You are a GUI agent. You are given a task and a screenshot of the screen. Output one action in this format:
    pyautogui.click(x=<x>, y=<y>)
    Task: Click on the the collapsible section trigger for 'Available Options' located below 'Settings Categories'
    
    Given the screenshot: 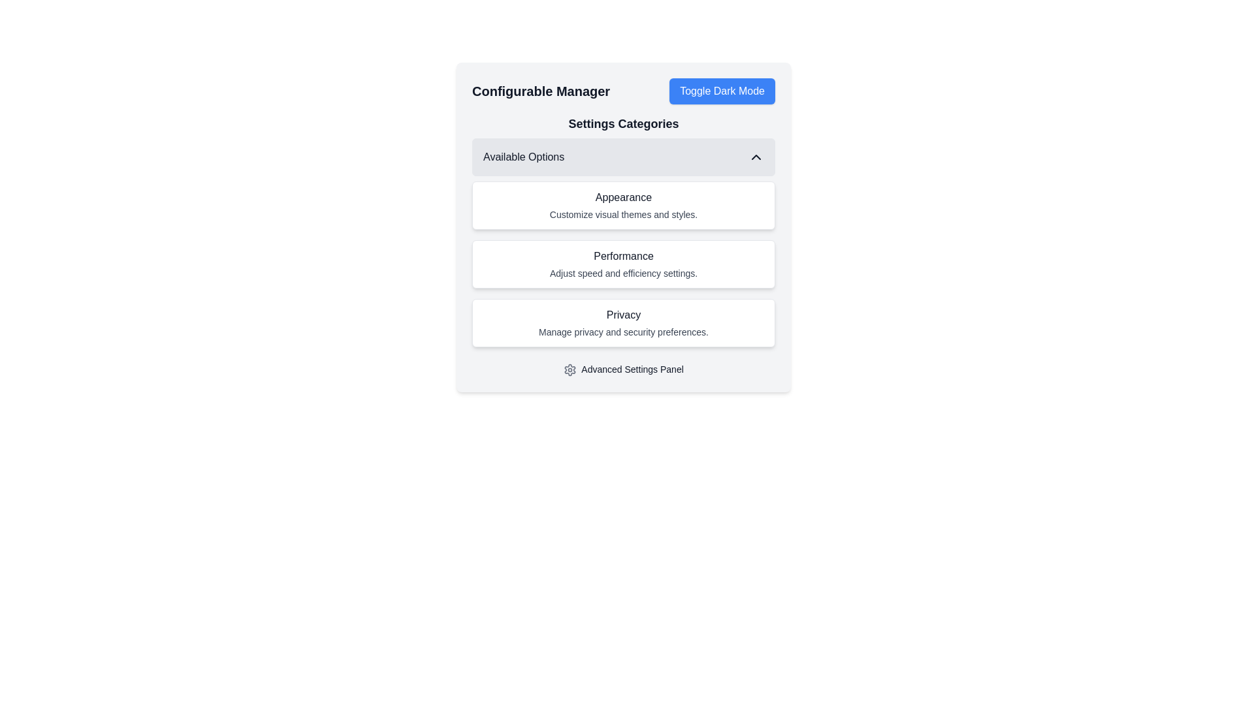 What is the action you would take?
    pyautogui.click(x=623, y=156)
    